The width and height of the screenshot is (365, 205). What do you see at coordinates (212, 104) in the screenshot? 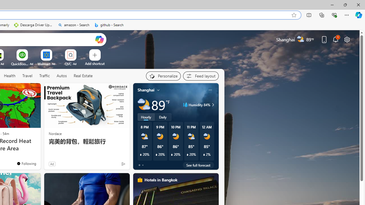
I see `'Humidity 84%'` at bounding box center [212, 104].